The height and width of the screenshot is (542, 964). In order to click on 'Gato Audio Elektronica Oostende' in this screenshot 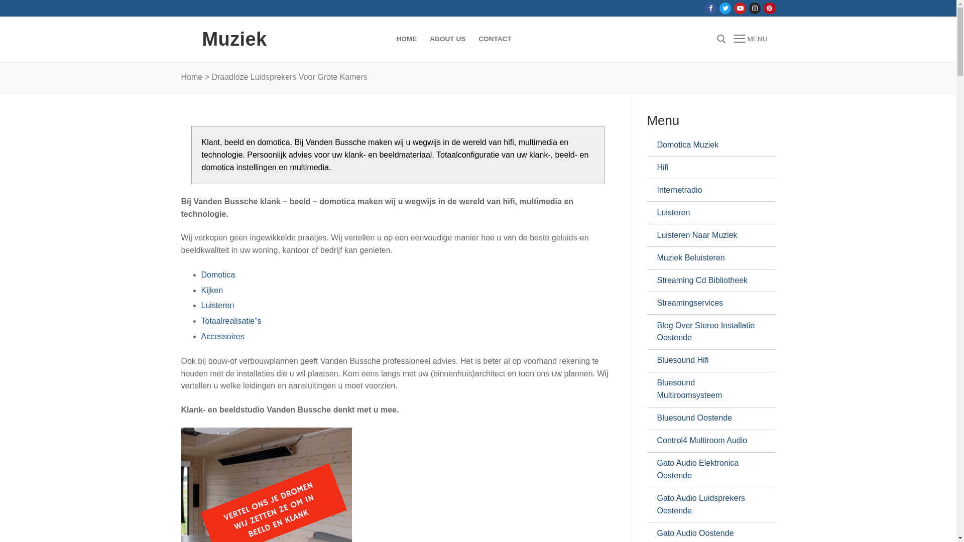, I will do `click(657, 470)`.